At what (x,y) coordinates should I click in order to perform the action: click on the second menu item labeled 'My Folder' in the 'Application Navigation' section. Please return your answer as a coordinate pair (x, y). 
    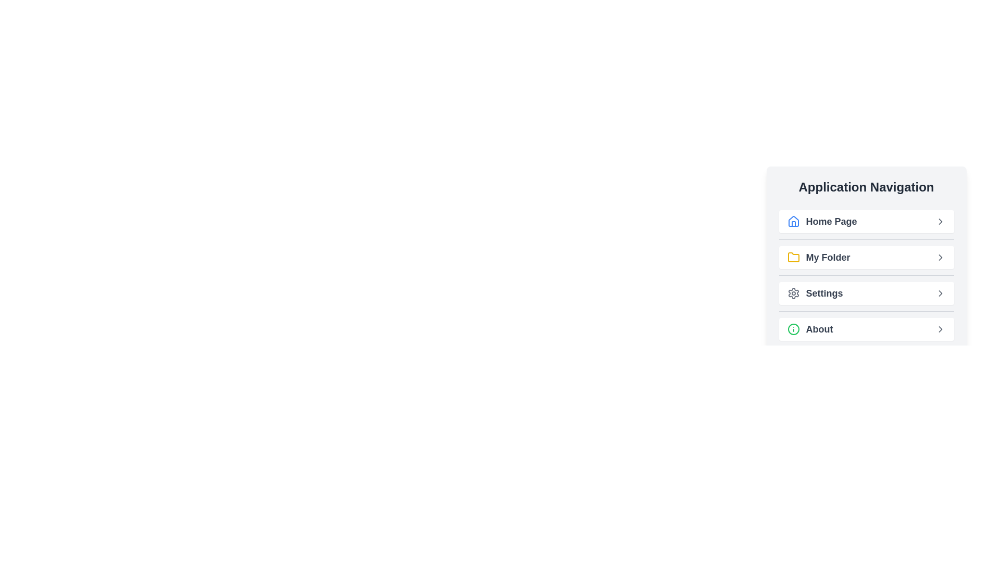
    Looking at the image, I should click on (866, 262).